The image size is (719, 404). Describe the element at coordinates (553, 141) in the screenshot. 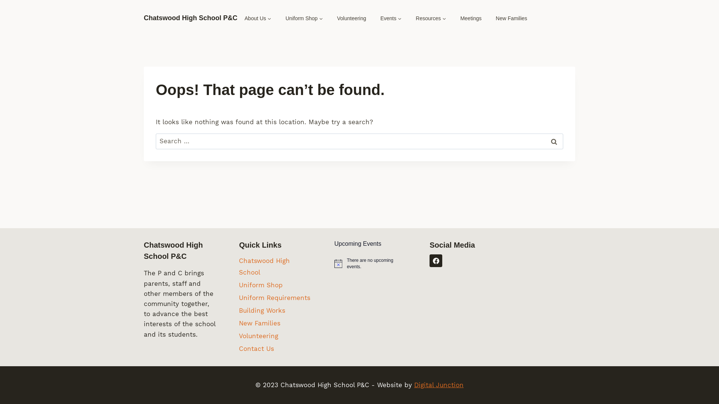

I see `'Search'` at that location.